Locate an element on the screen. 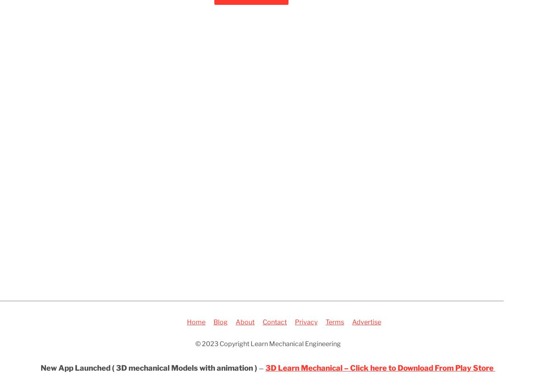 Image resolution: width=552 pixels, height=386 pixels. 'New App Launched ( 3D mechanical Models with animation )' is located at coordinates (148, 368).